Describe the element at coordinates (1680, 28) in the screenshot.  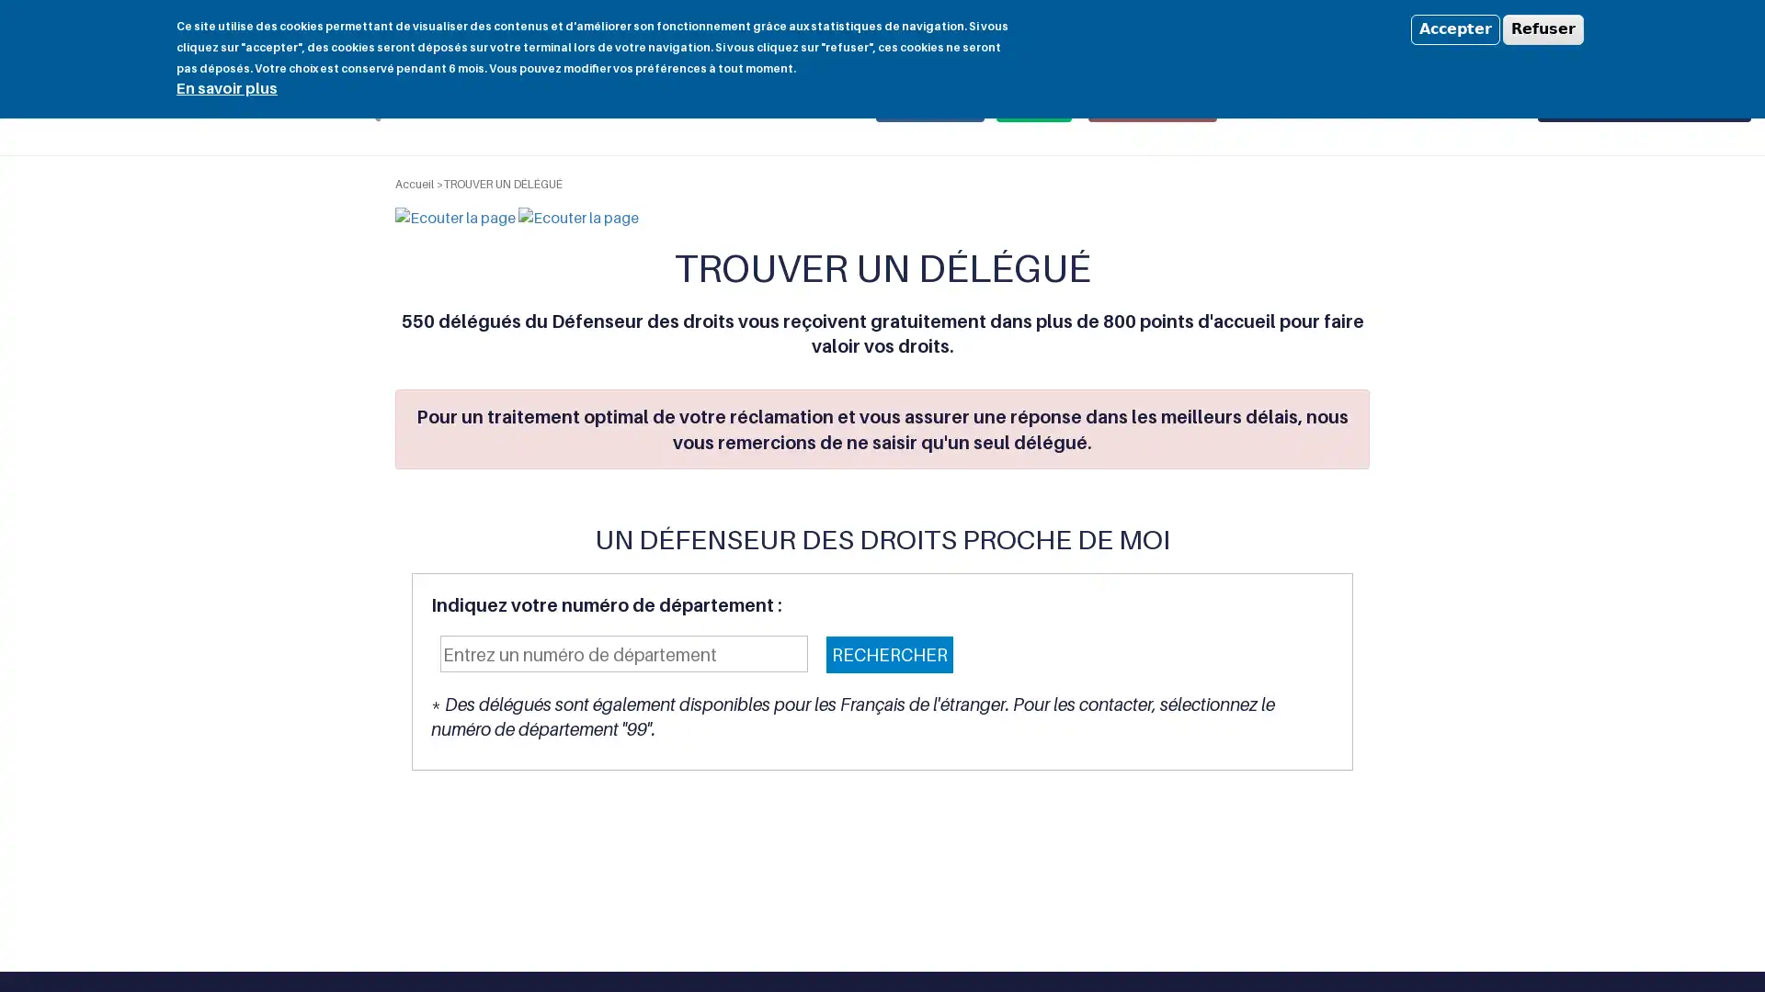
I see `FACIL'iti : Adaptez laffichage` at that location.